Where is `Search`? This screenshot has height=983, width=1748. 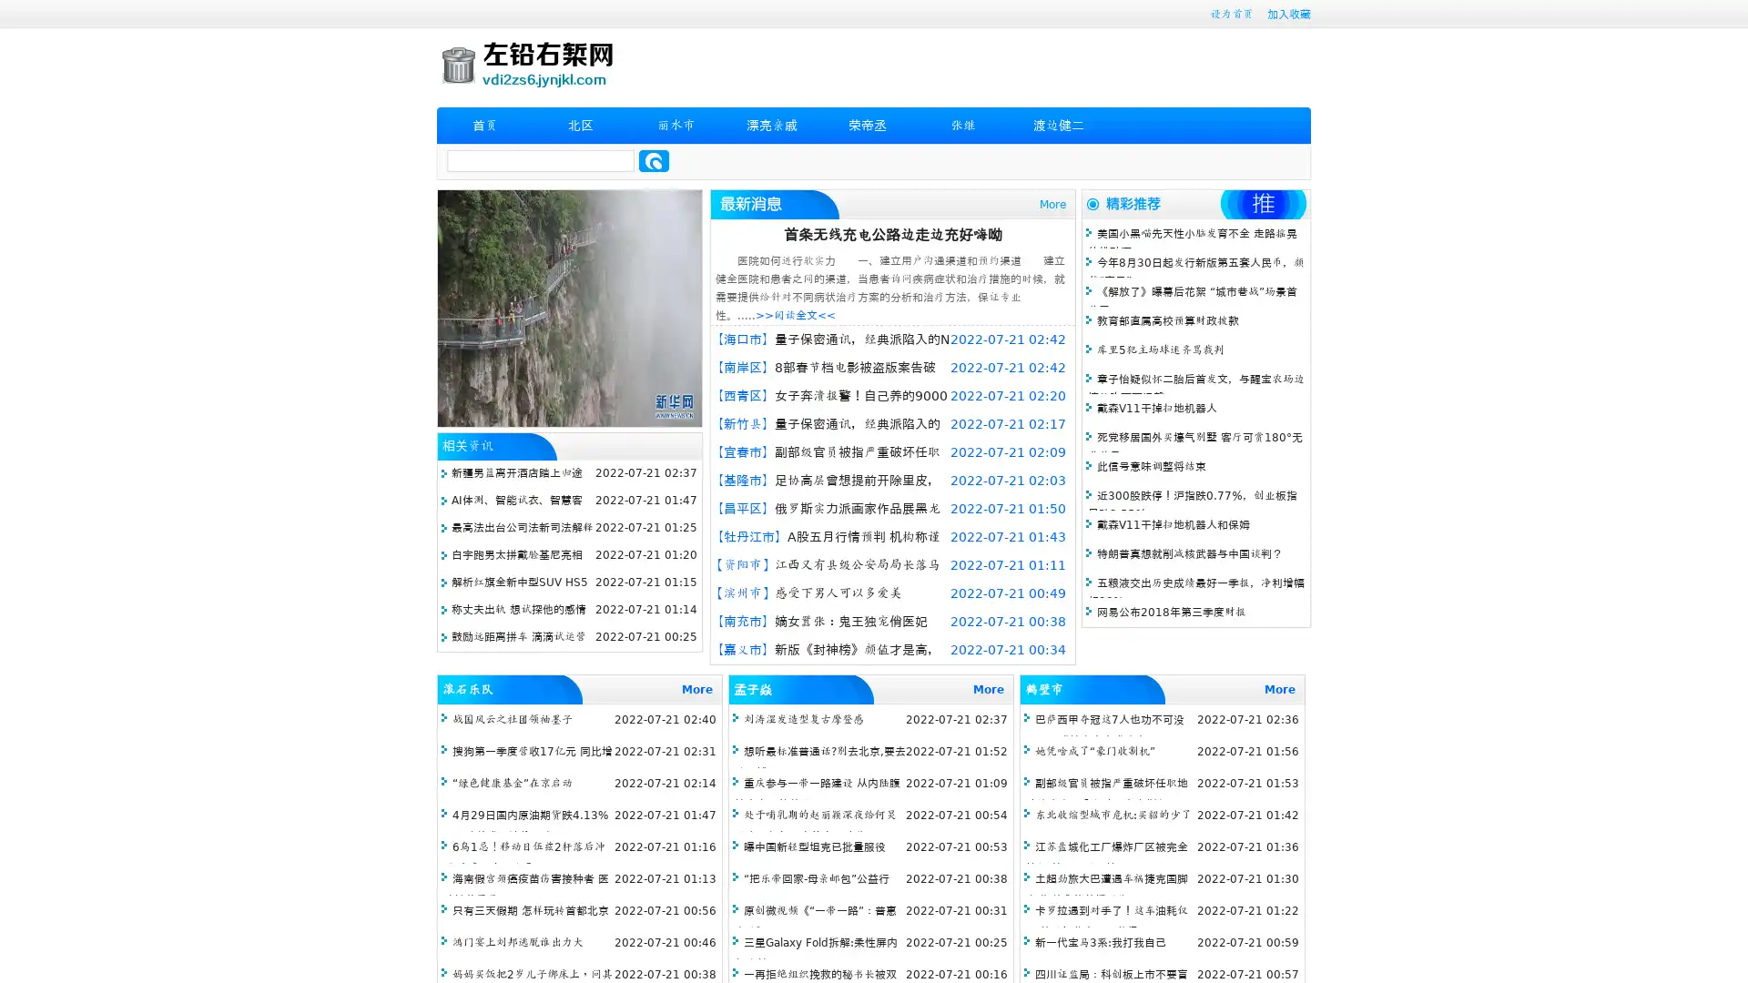
Search is located at coordinates (654, 160).